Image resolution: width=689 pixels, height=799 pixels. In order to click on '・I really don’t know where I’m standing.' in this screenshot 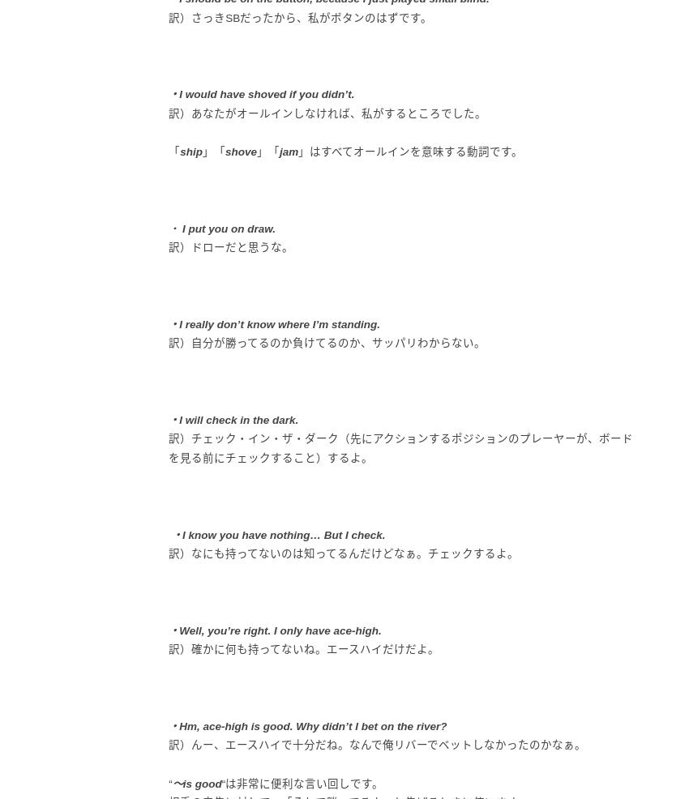, I will do `click(273, 323)`.